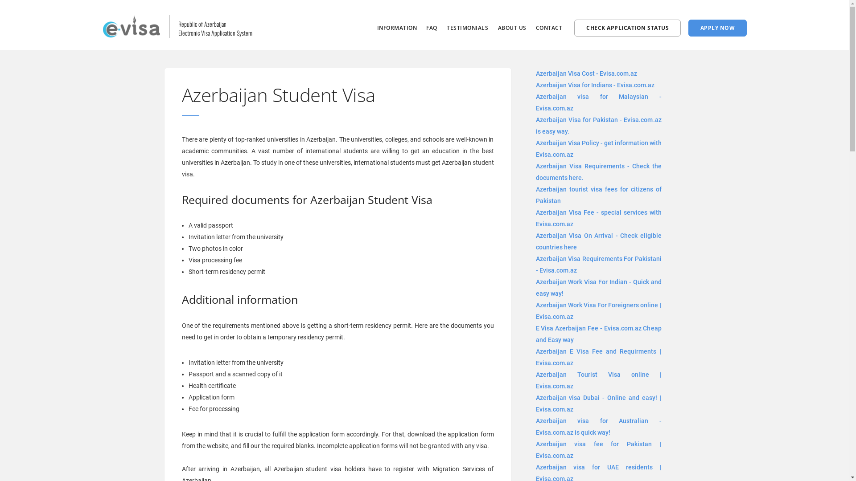 The width and height of the screenshot is (856, 481). Describe the element at coordinates (599, 357) in the screenshot. I see `'Azerbaijan E Visa Fee and Requirments | Evisa.com.az'` at that location.